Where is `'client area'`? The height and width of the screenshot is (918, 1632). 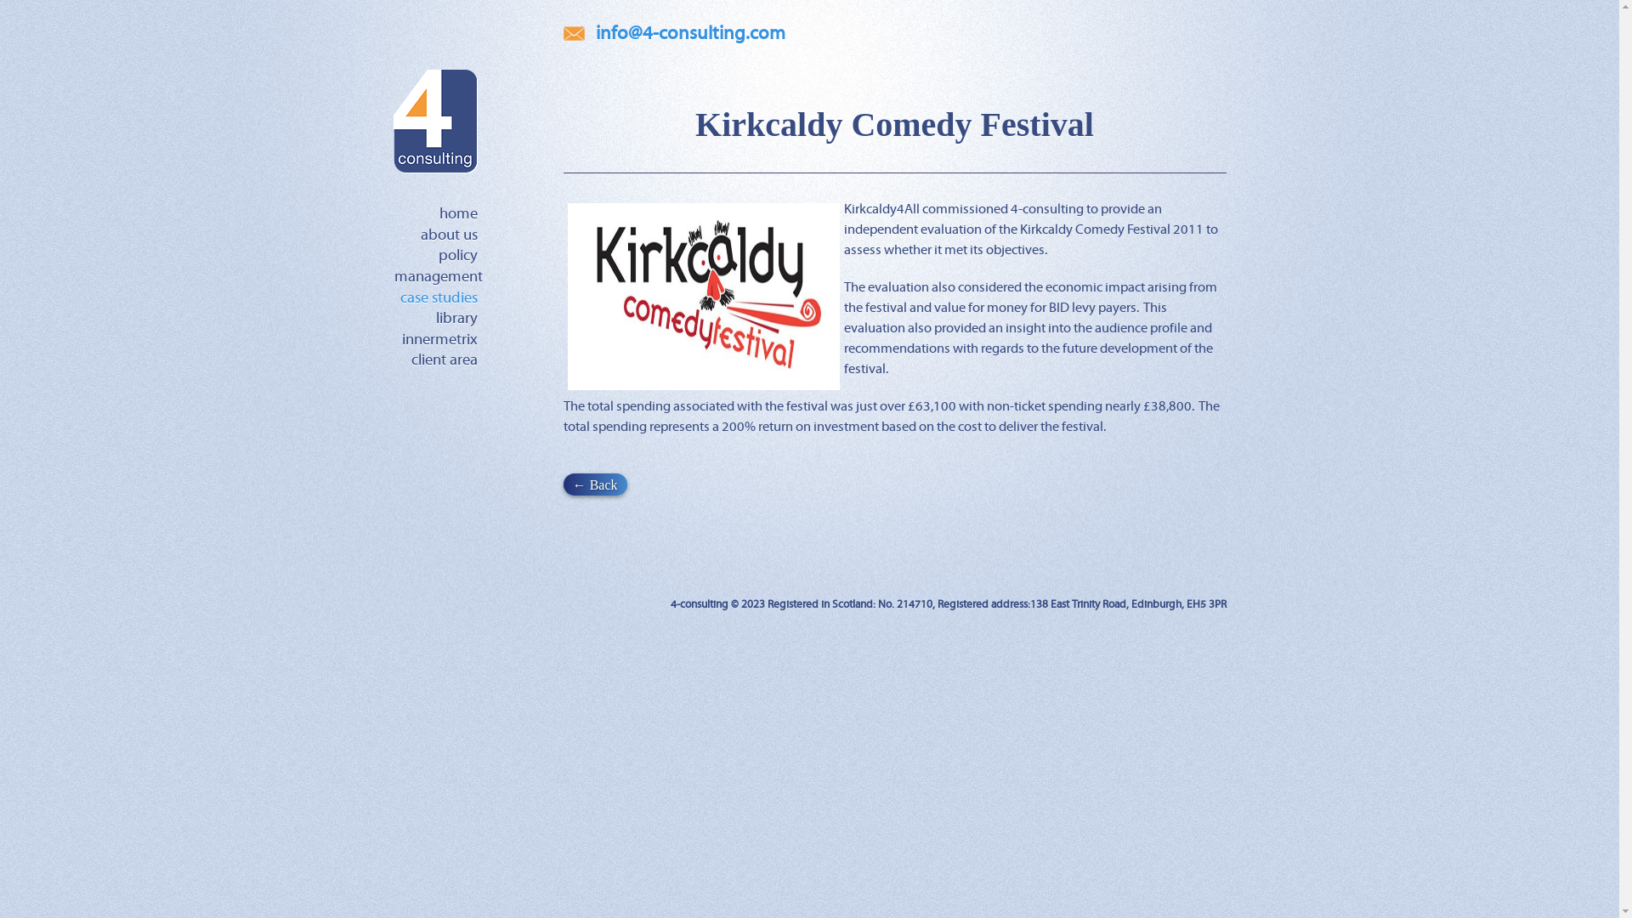 'client area' is located at coordinates (445, 360).